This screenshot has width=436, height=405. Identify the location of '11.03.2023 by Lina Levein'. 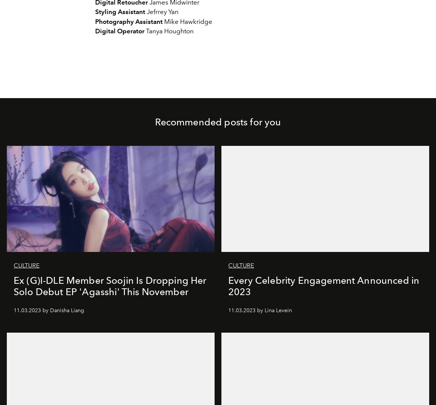
(228, 310).